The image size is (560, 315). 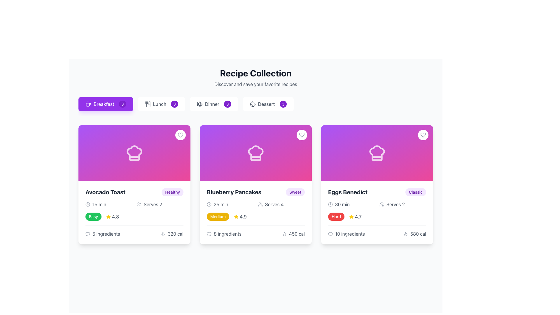 What do you see at coordinates (172, 192) in the screenshot?
I see `the pill-shaped label displaying 'Healthy' in bold sans-serif font, located at the top-right corner of the 'Avocado Toast' card` at bounding box center [172, 192].